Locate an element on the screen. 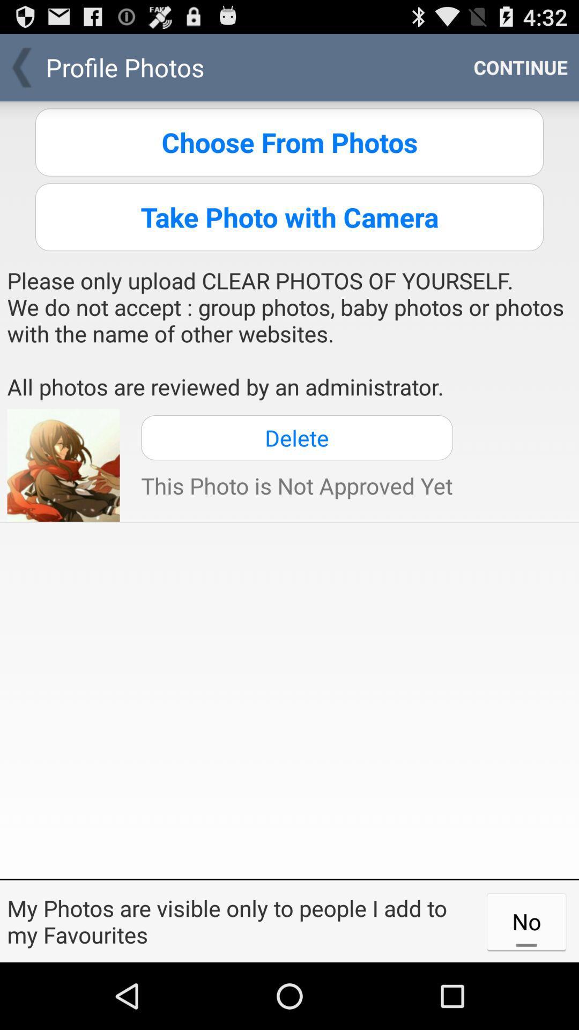 This screenshot has width=579, height=1030. app to the right of my photos are item is located at coordinates (526, 921).